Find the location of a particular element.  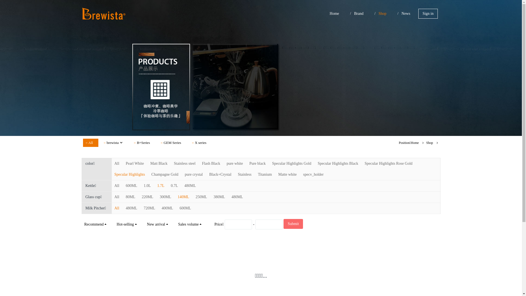

'Specular Highlights Gold' is located at coordinates (291, 163).